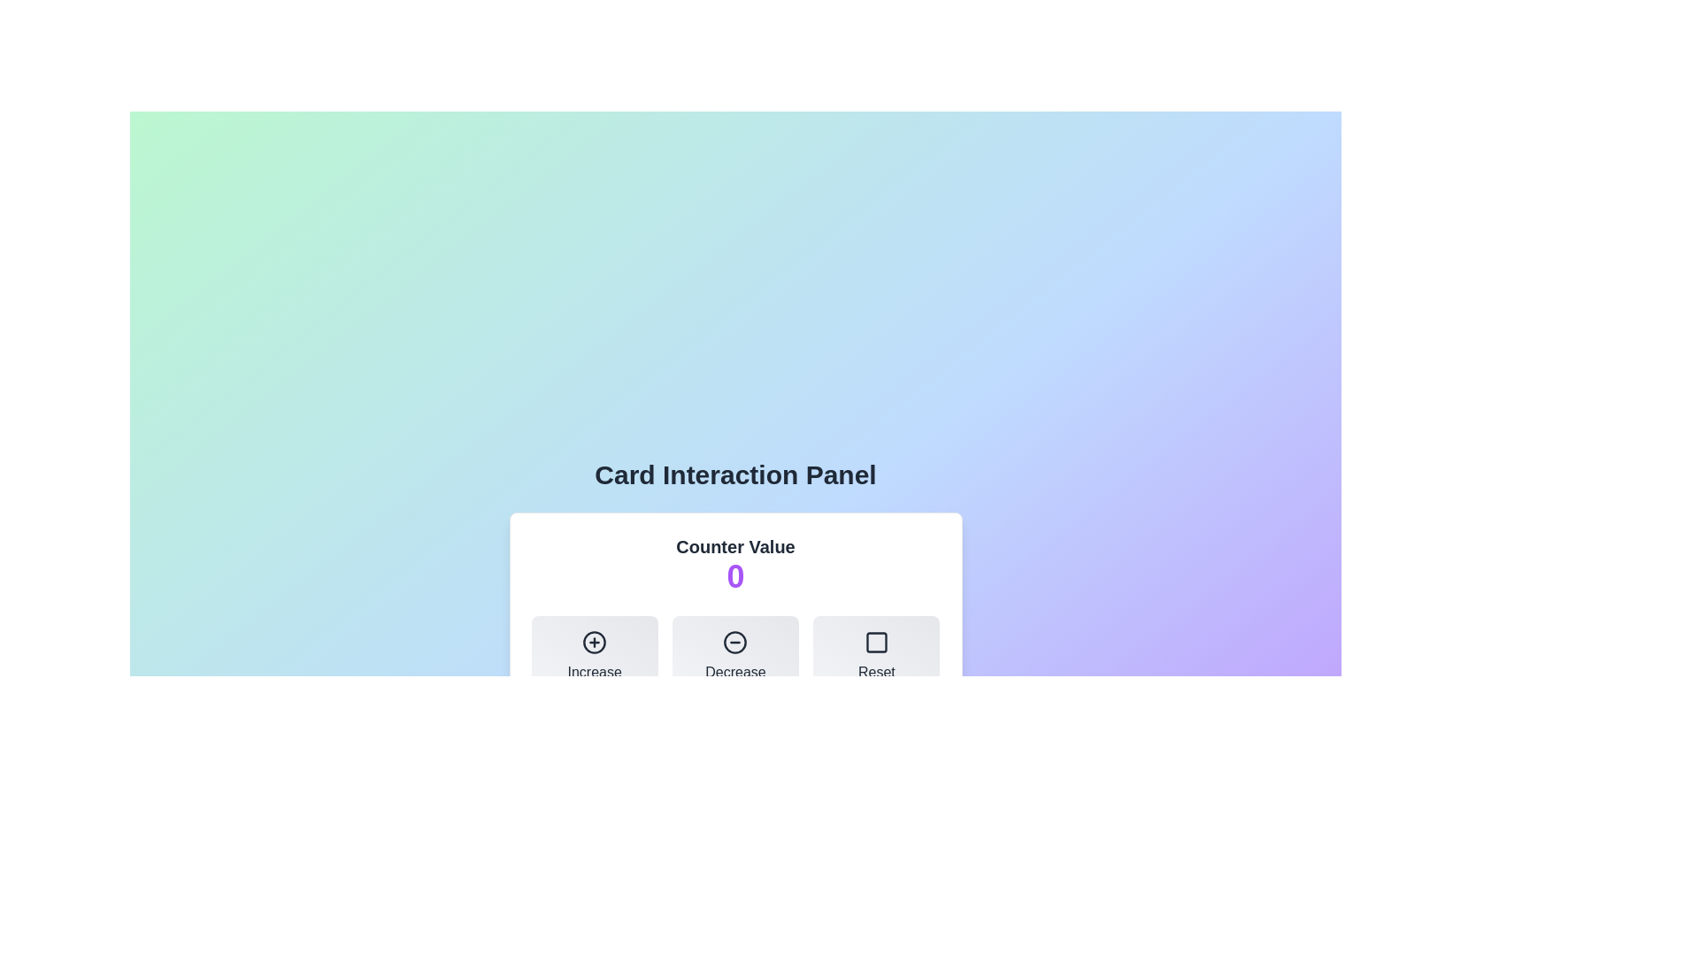 The width and height of the screenshot is (1699, 956). What do you see at coordinates (595, 642) in the screenshot?
I see `the outermost circular component of the 'plus in a circle' icon, which is the leftmost button in the row of three buttons below the 'Counter Value' text showing '0'` at bounding box center [595, 642].